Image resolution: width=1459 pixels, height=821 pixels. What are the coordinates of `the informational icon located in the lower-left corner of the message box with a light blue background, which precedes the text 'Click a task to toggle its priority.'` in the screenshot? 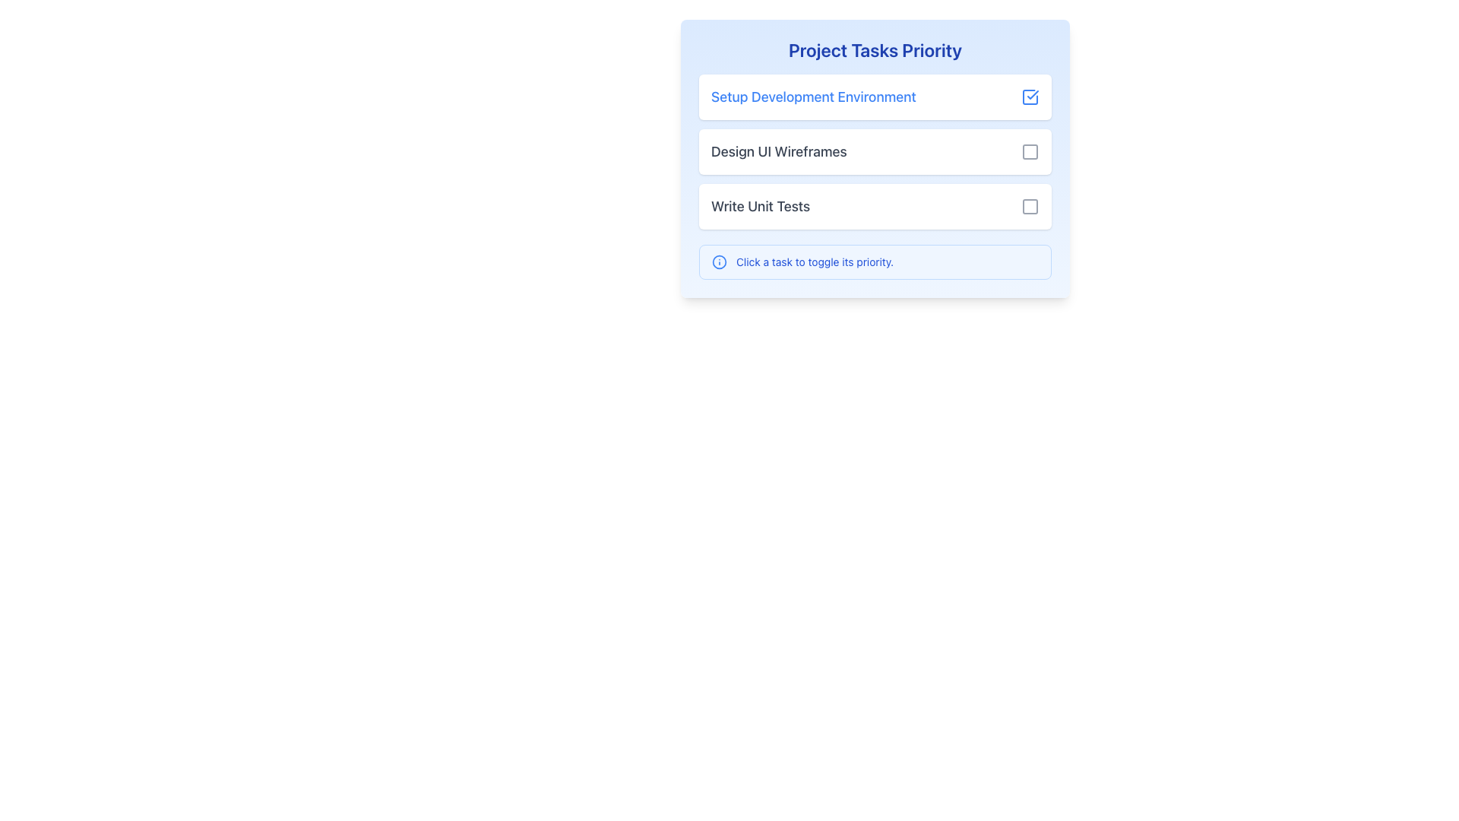 It's located at (718, 261).